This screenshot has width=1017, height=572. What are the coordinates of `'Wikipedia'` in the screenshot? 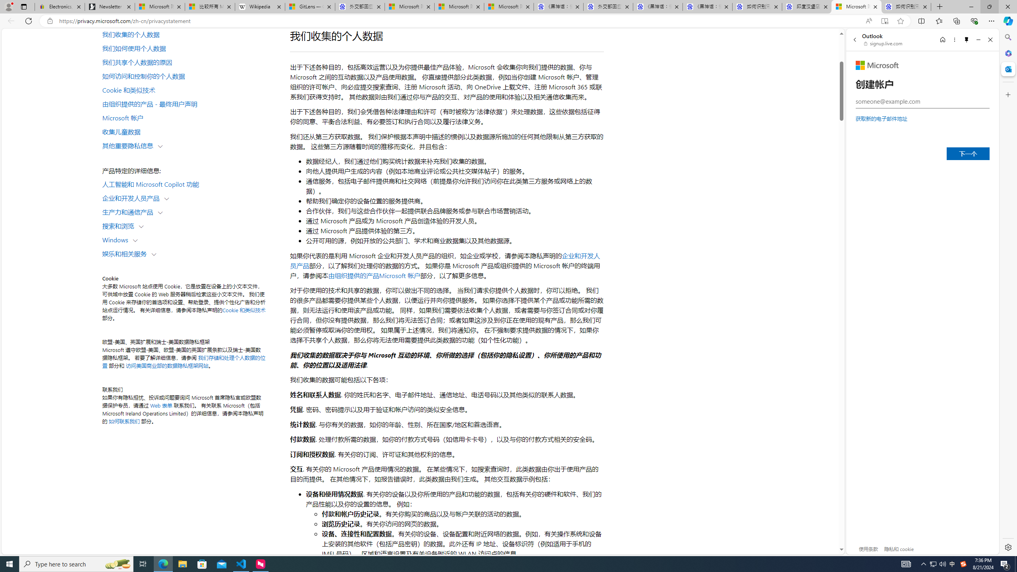 It's located at (260, 6).